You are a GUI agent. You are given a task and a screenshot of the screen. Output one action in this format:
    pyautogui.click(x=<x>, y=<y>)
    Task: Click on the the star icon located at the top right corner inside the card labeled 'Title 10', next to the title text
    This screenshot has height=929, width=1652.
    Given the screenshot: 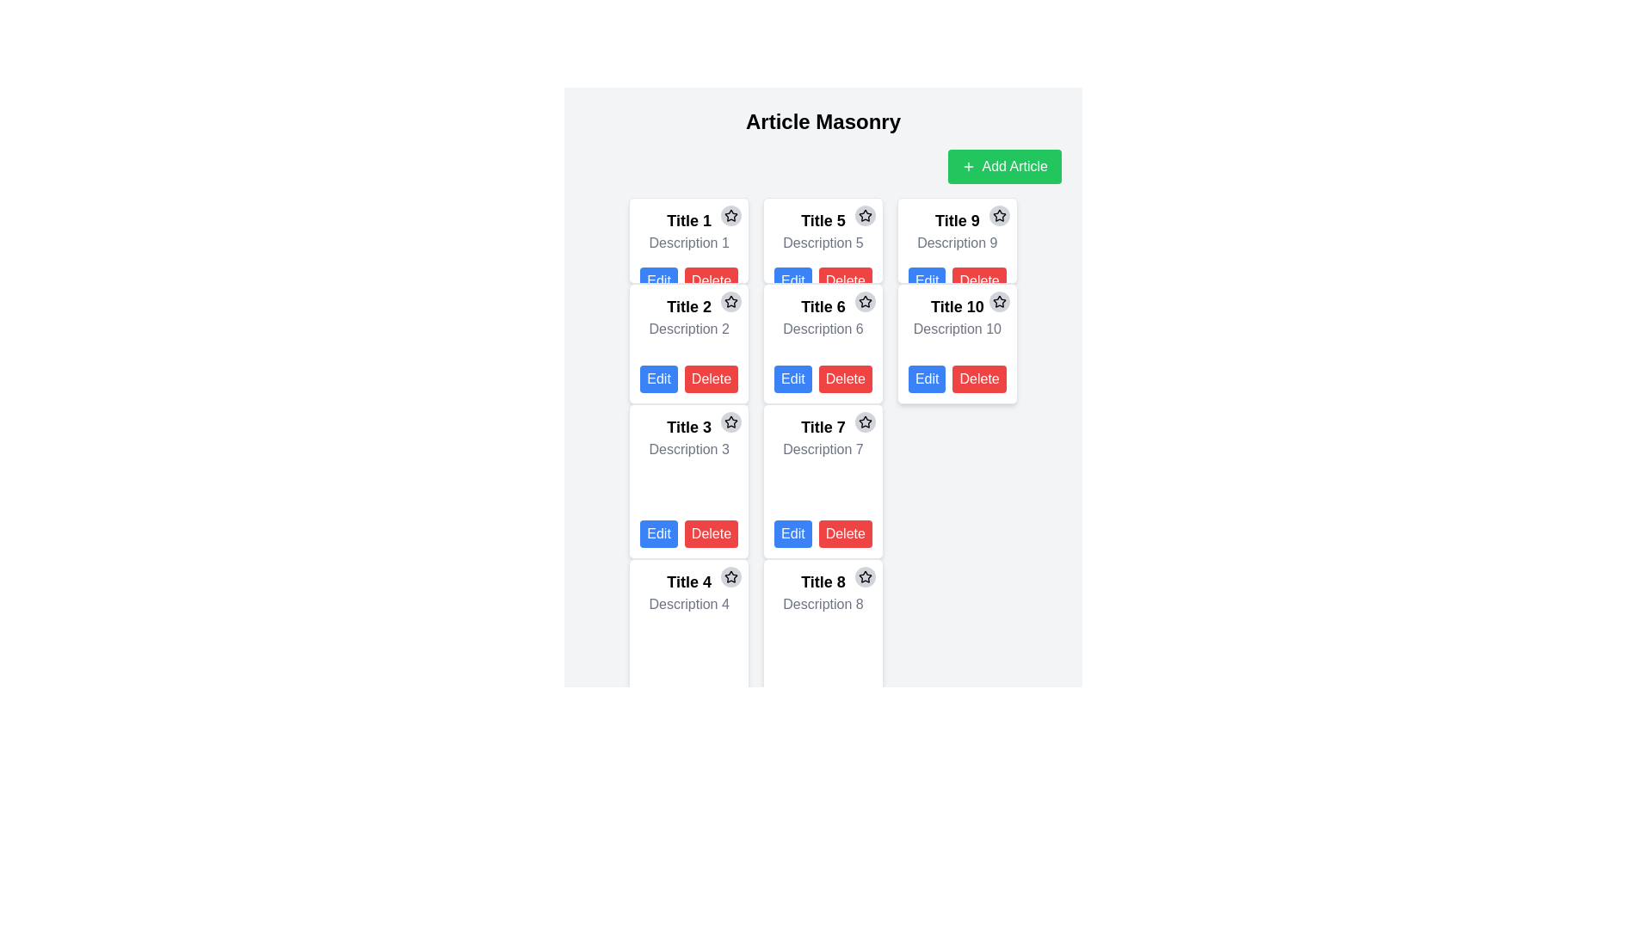 What is the action you would take?
    pyautogui.click(x=999, y=301)
    